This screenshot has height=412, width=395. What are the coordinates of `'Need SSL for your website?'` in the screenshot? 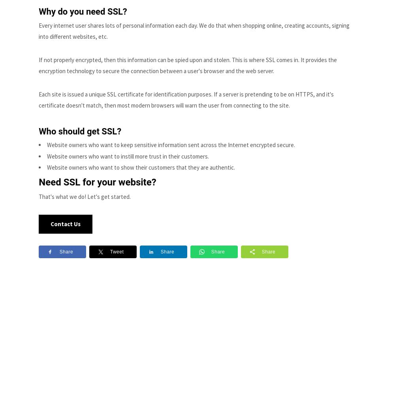 It's located at (38, 182).